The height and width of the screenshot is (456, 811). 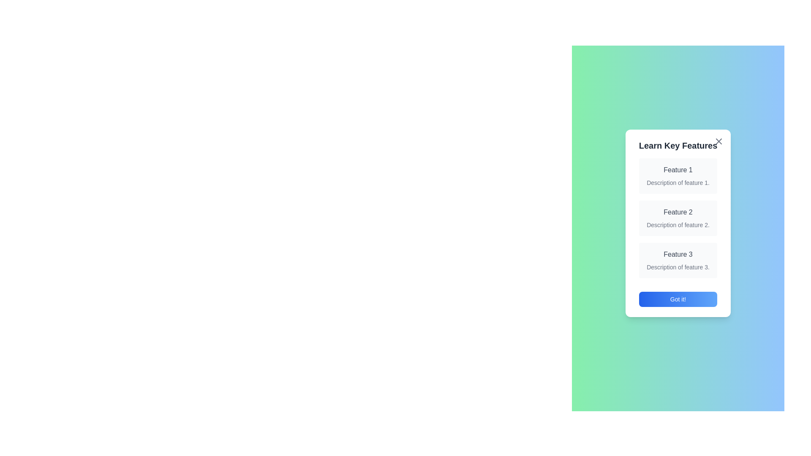 What do you see at coordinates (678, 217) in the screenshot?
I see `the details of Feature 2 by highlighting its section` at bounding box center [678, 217].